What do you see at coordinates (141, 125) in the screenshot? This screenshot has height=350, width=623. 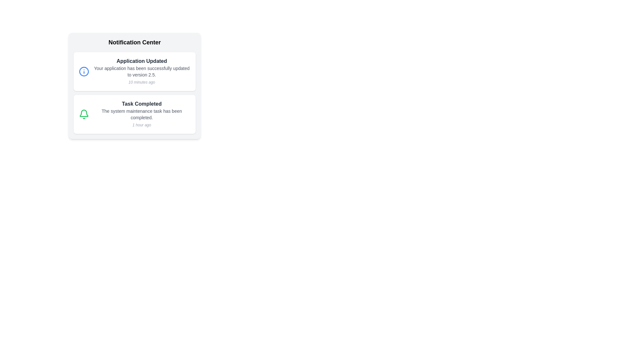 I see `the timestamp text label located at the bottom-right corner of the 'Task Completed' message box` at bounding box center [141, 125].